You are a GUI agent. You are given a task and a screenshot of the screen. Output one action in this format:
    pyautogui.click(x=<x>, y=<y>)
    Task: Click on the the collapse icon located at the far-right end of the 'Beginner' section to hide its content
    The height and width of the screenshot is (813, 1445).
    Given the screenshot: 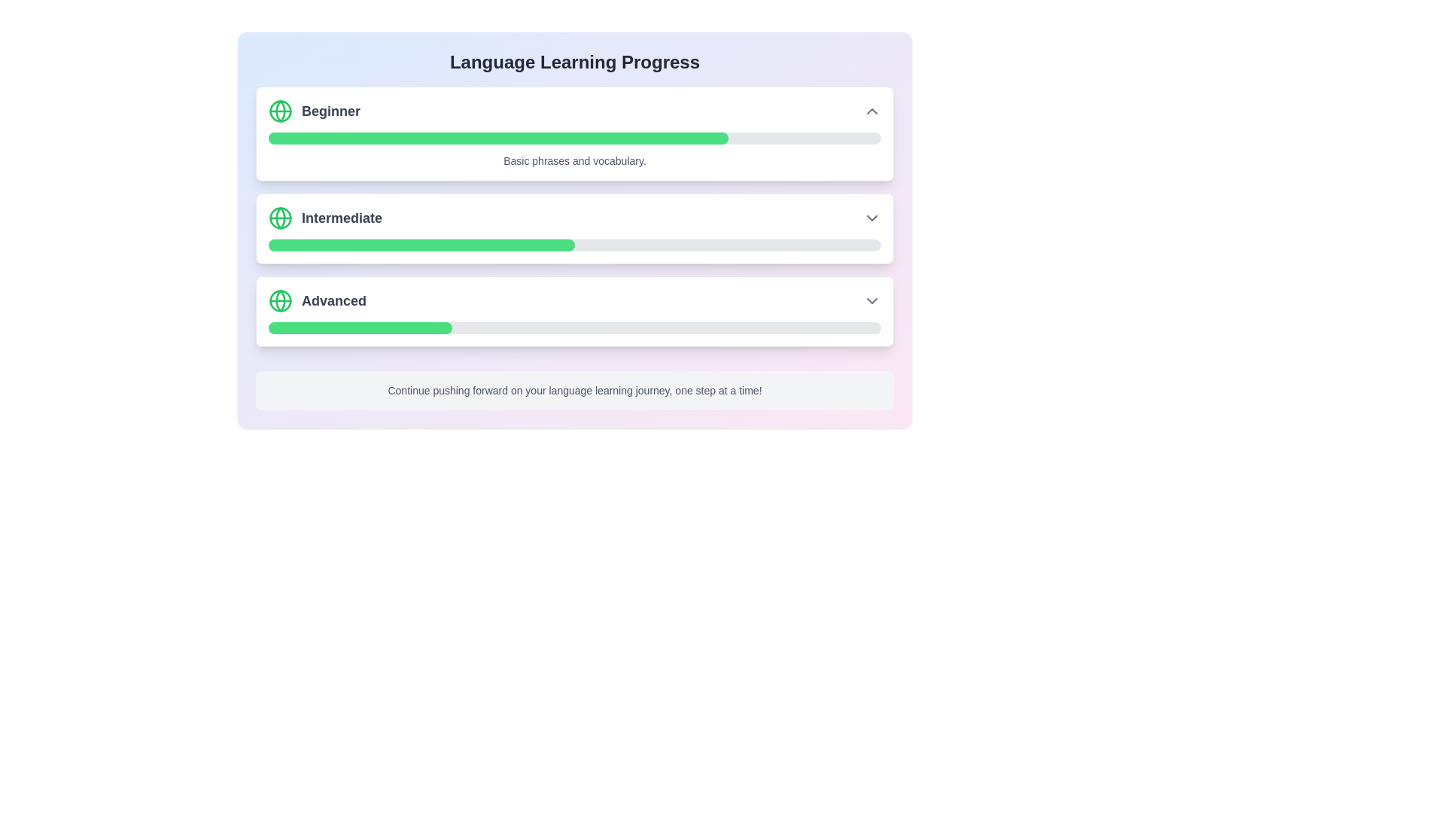 What is the action you would take?
    pyautogui.click(x=872, y=110)
    